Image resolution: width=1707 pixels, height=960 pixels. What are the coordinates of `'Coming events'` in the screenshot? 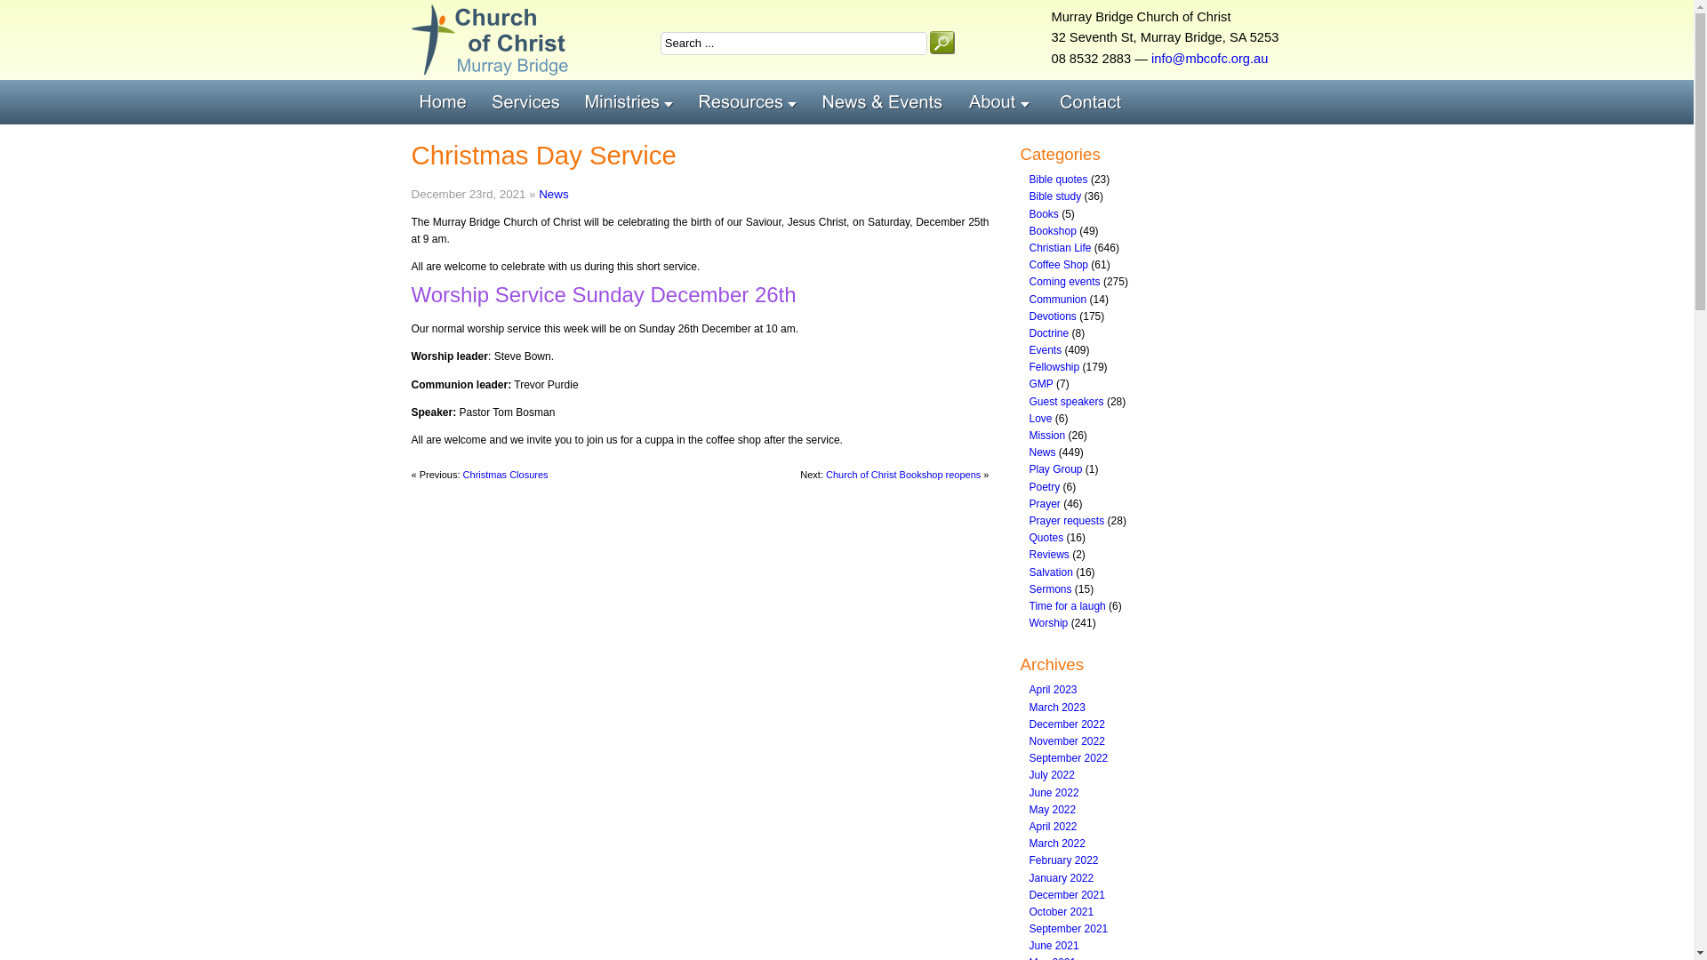 It's located at (1065, 280).